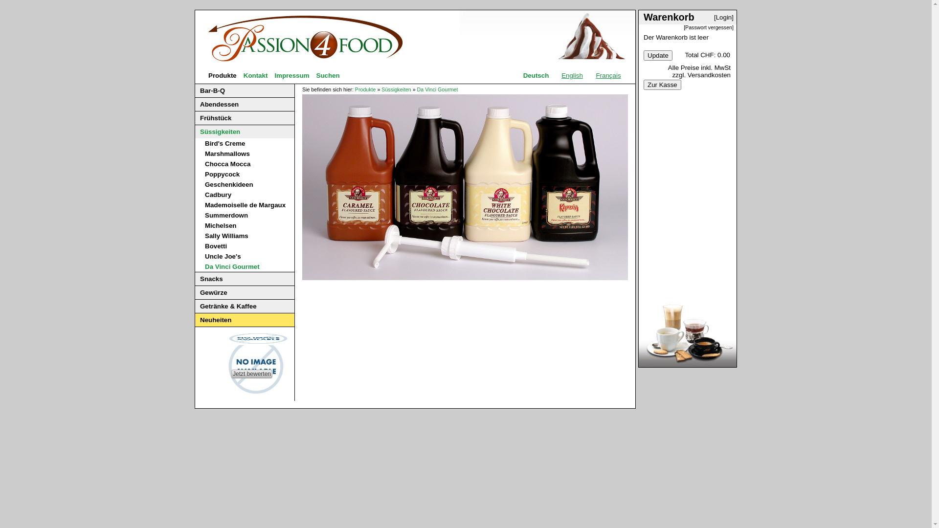 The width and height of the screenshot is (939, 528). Describe the element at coordinates (199, 90) in the screenshot. I see `'Bar-B-Q'` at that location.